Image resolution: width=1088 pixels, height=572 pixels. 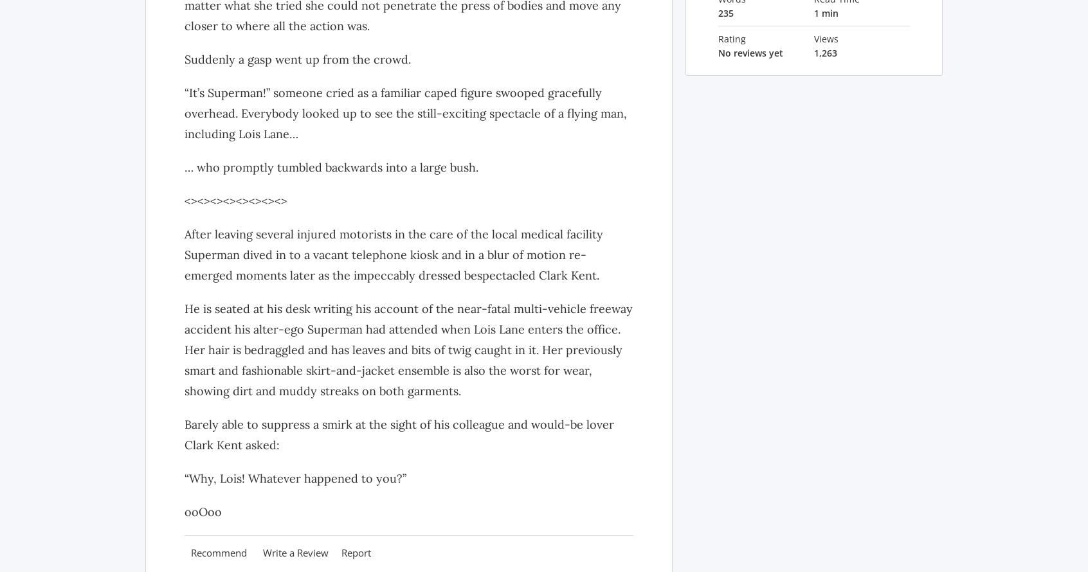 I want to click on 'Report', so click(x=356, y=551).